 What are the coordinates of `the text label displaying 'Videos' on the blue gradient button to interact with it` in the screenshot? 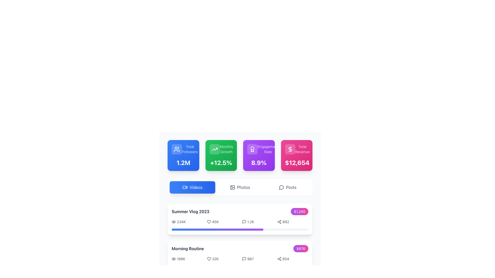 It's located at (196, 187).